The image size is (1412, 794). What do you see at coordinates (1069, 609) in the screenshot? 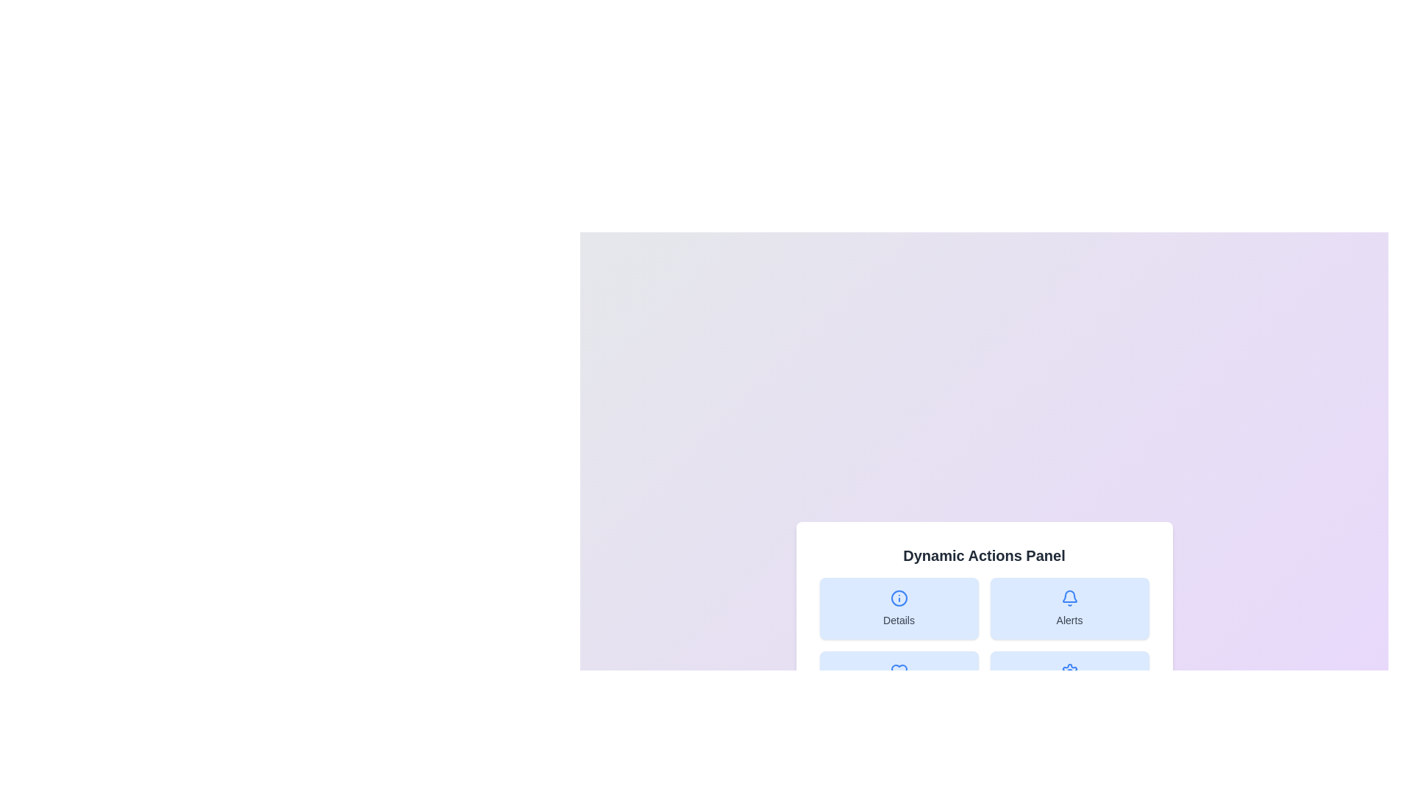
I see `the action button for accessing or managing alerts, located in the top-right quadrant of the grid, adjacent to the 'Details' button` at bounding box center [1069, 609].